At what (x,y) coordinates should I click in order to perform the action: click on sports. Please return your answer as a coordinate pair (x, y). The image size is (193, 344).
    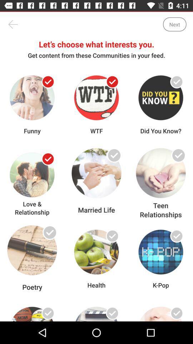
    Looking at the image, I should click on (48, 313).